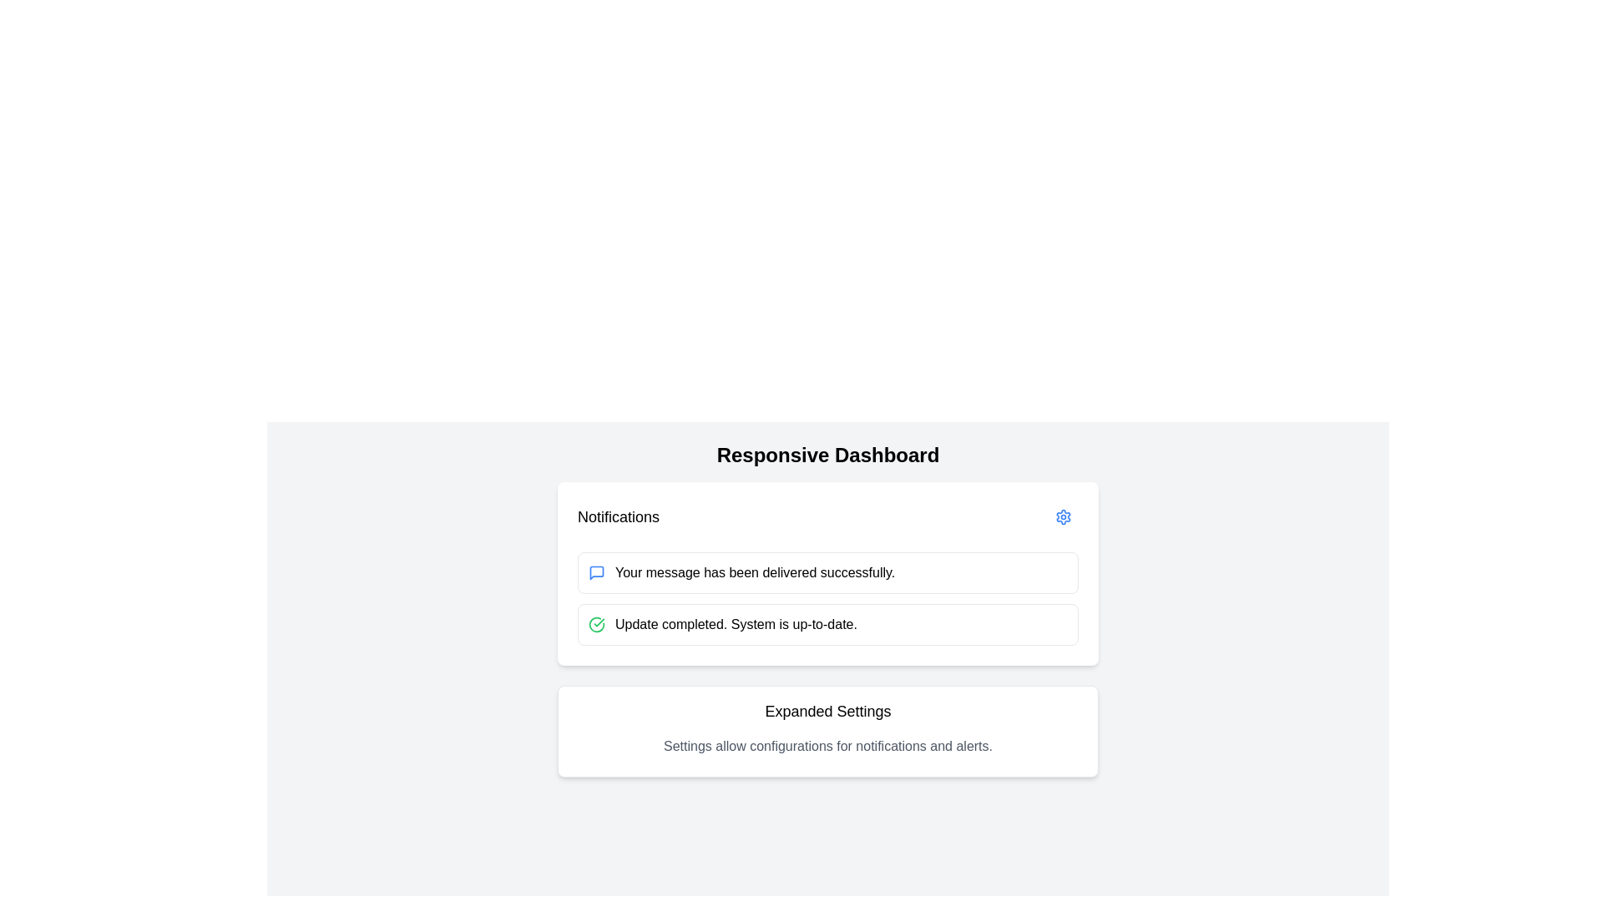  I want to click on the icon button for notifications settings located, so click(1062, 516).